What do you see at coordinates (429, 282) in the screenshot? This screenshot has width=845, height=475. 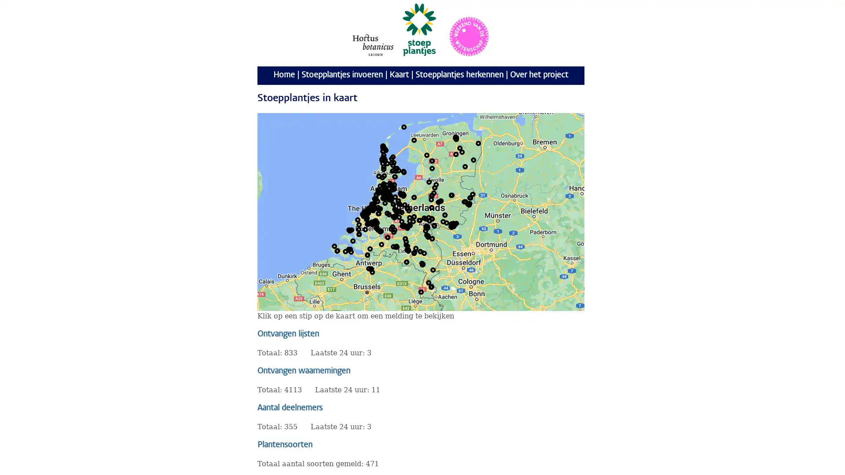 I see `Telling van waaromstaatdaardaneenster? op 22 januari 2022` at bounding box center [429, 282].